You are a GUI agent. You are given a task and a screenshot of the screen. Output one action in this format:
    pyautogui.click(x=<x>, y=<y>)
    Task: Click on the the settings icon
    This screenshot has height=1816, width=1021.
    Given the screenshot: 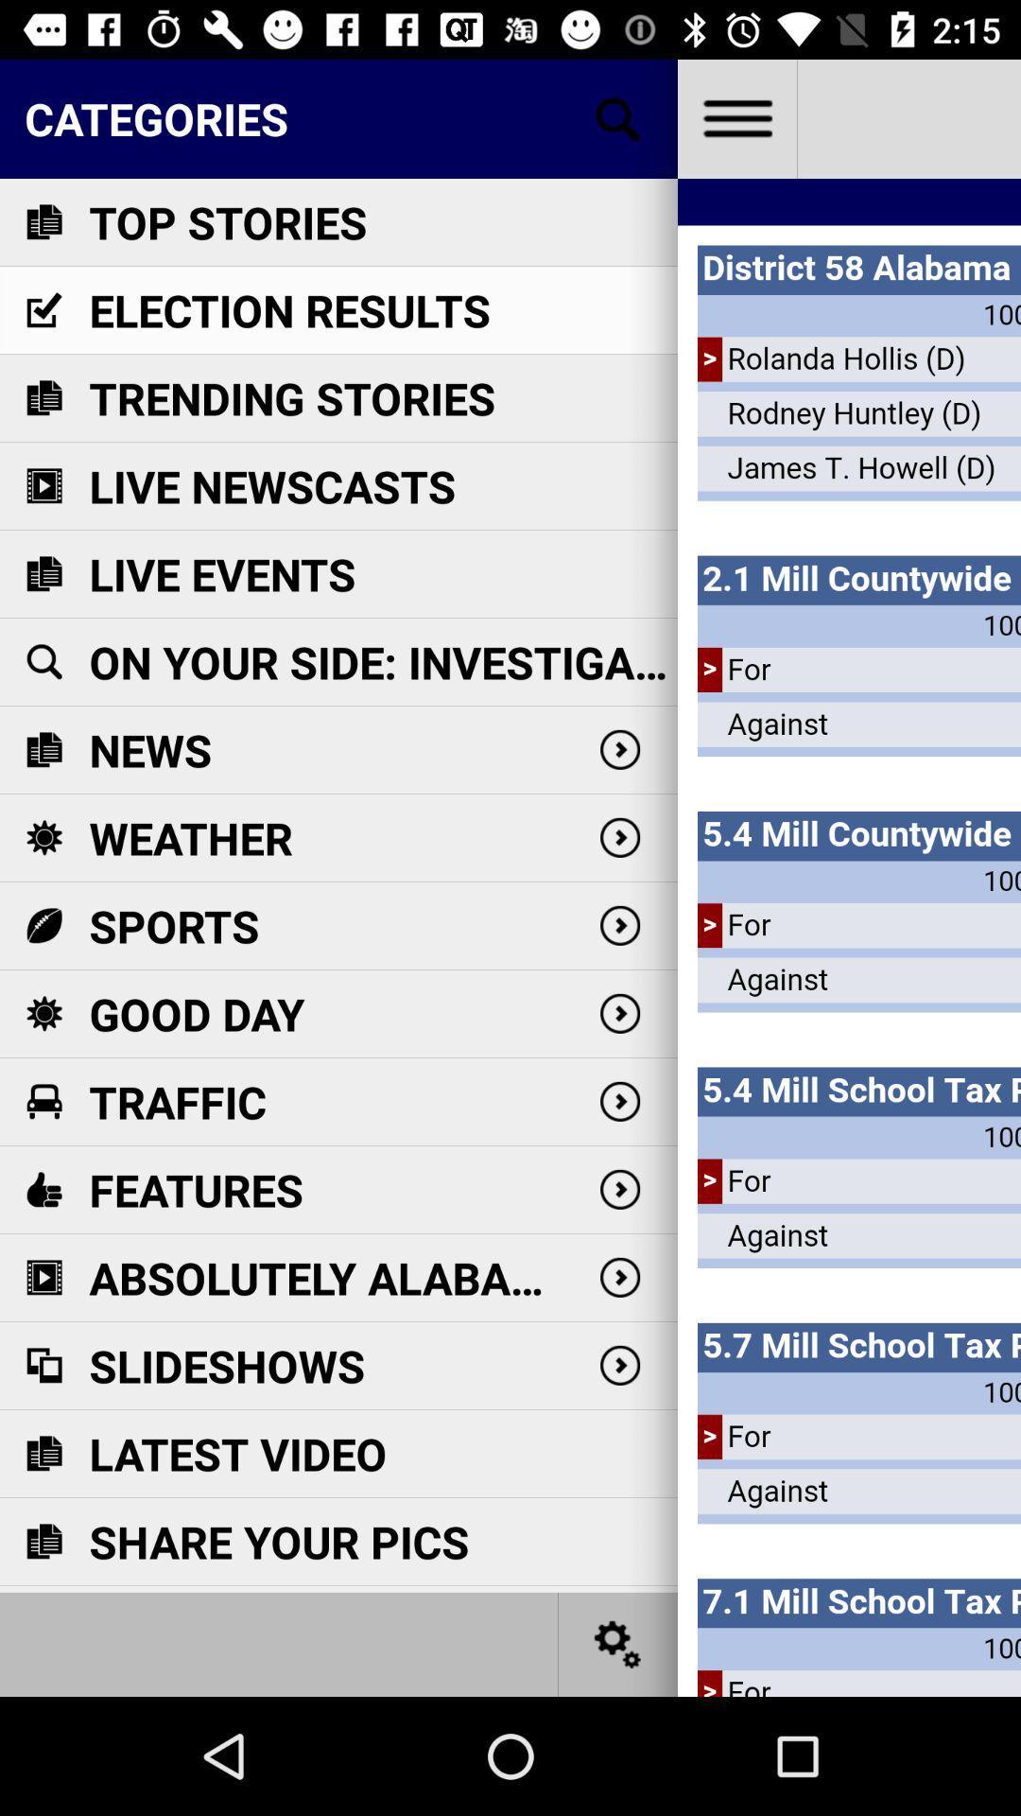 What is the action you would take?
    pyautogui.click(x=618, y=1643)
    